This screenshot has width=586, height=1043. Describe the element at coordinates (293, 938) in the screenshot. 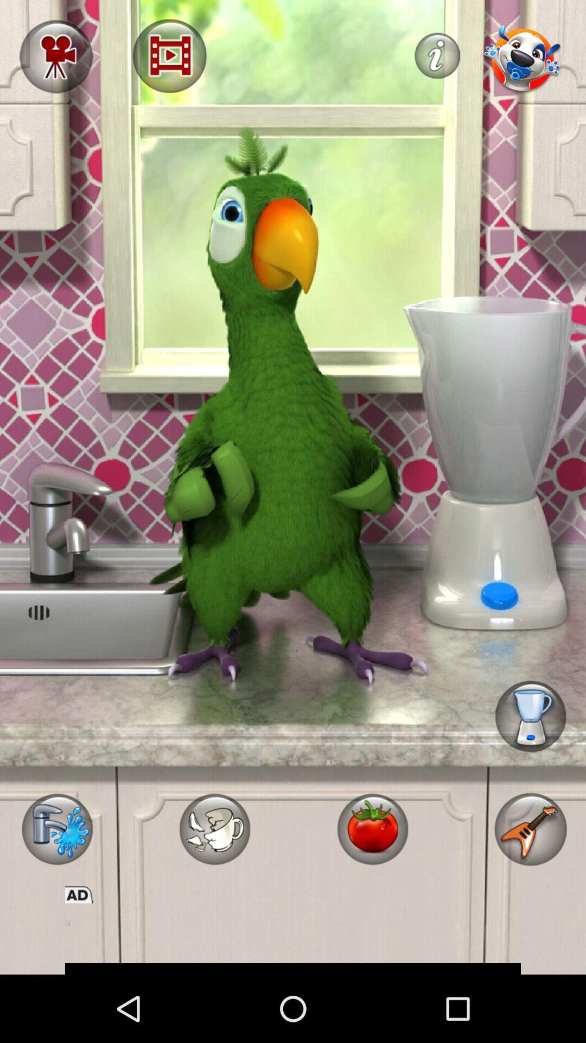

I see `outline page` at that location.